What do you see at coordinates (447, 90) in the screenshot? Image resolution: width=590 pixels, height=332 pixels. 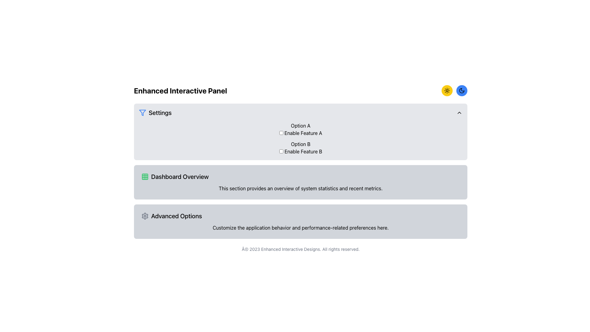 I see `the light mode toggle icon located in the top-right corner of the interface, which is the leftmost icon in the group of control icons` at bounding box center [447, 90].